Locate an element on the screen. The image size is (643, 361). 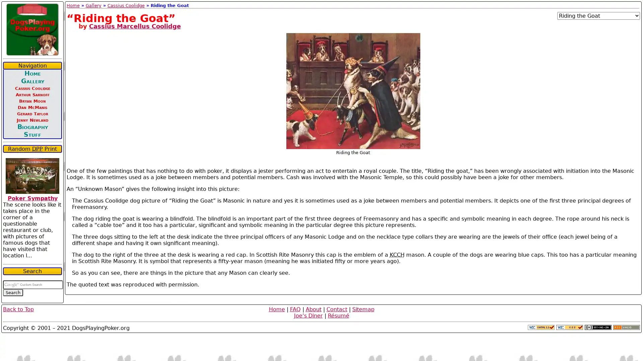
Search is located at coordinates (13, 292).